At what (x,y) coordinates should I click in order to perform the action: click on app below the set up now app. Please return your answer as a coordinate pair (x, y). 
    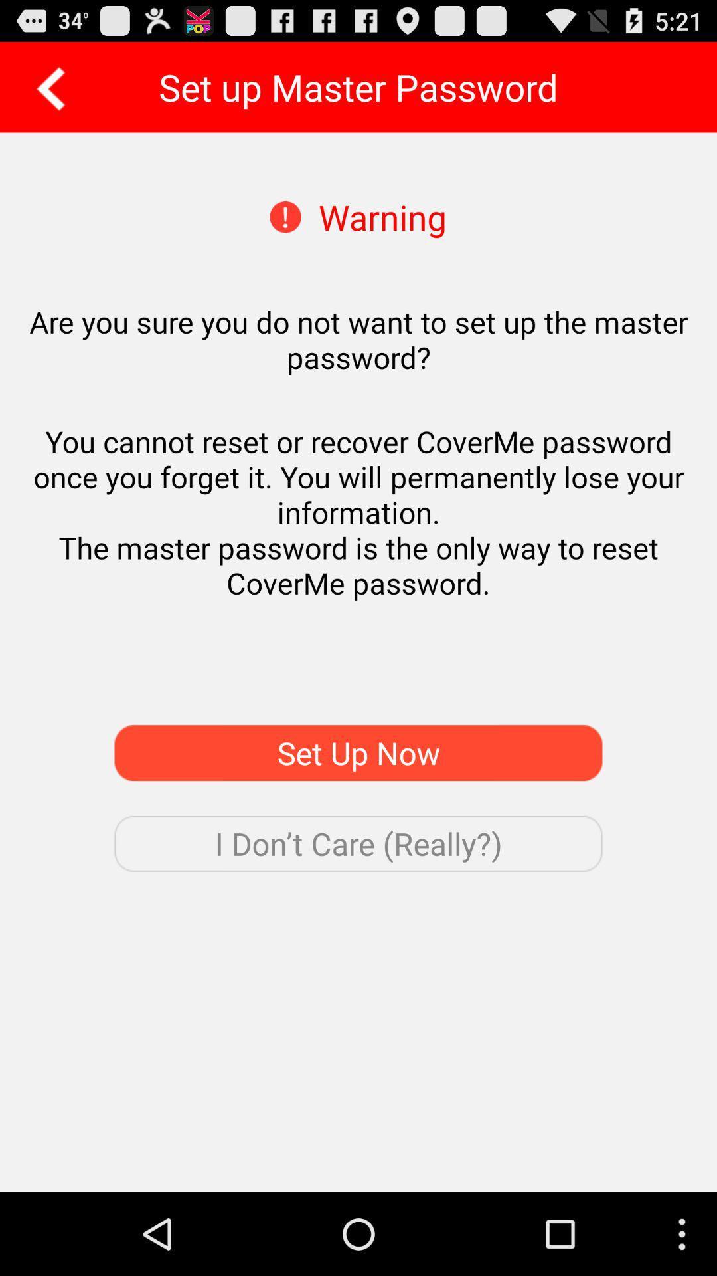
    Looking at the image, I should click on (358, 843).